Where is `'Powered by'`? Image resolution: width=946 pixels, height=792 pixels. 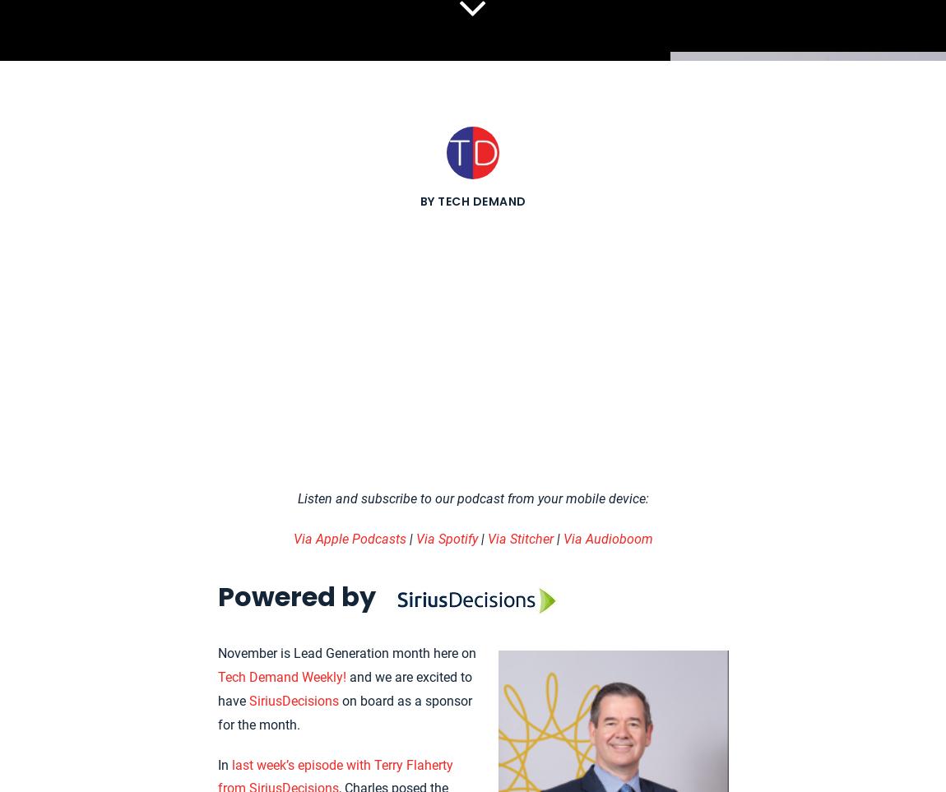 'Powered by' is located at coordinates (304, 595).